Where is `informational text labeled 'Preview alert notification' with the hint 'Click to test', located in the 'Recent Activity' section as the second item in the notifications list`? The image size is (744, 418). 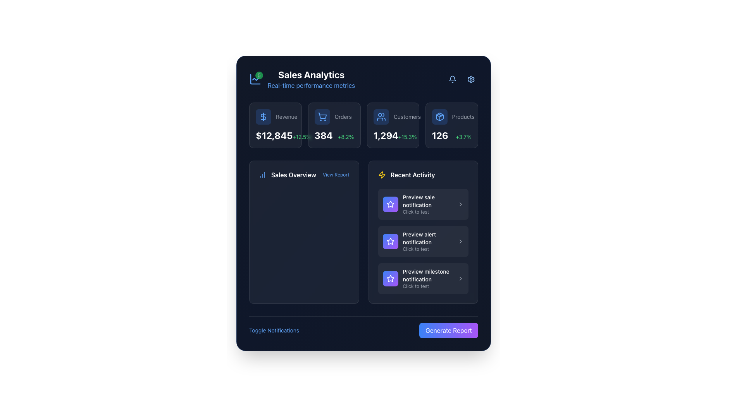
informational text labeled 'Preview alert notification' with the hint 'Click to test', located in the 'Recent Activity' section as the second item in the notifications list is located at coordinates (427, 241).